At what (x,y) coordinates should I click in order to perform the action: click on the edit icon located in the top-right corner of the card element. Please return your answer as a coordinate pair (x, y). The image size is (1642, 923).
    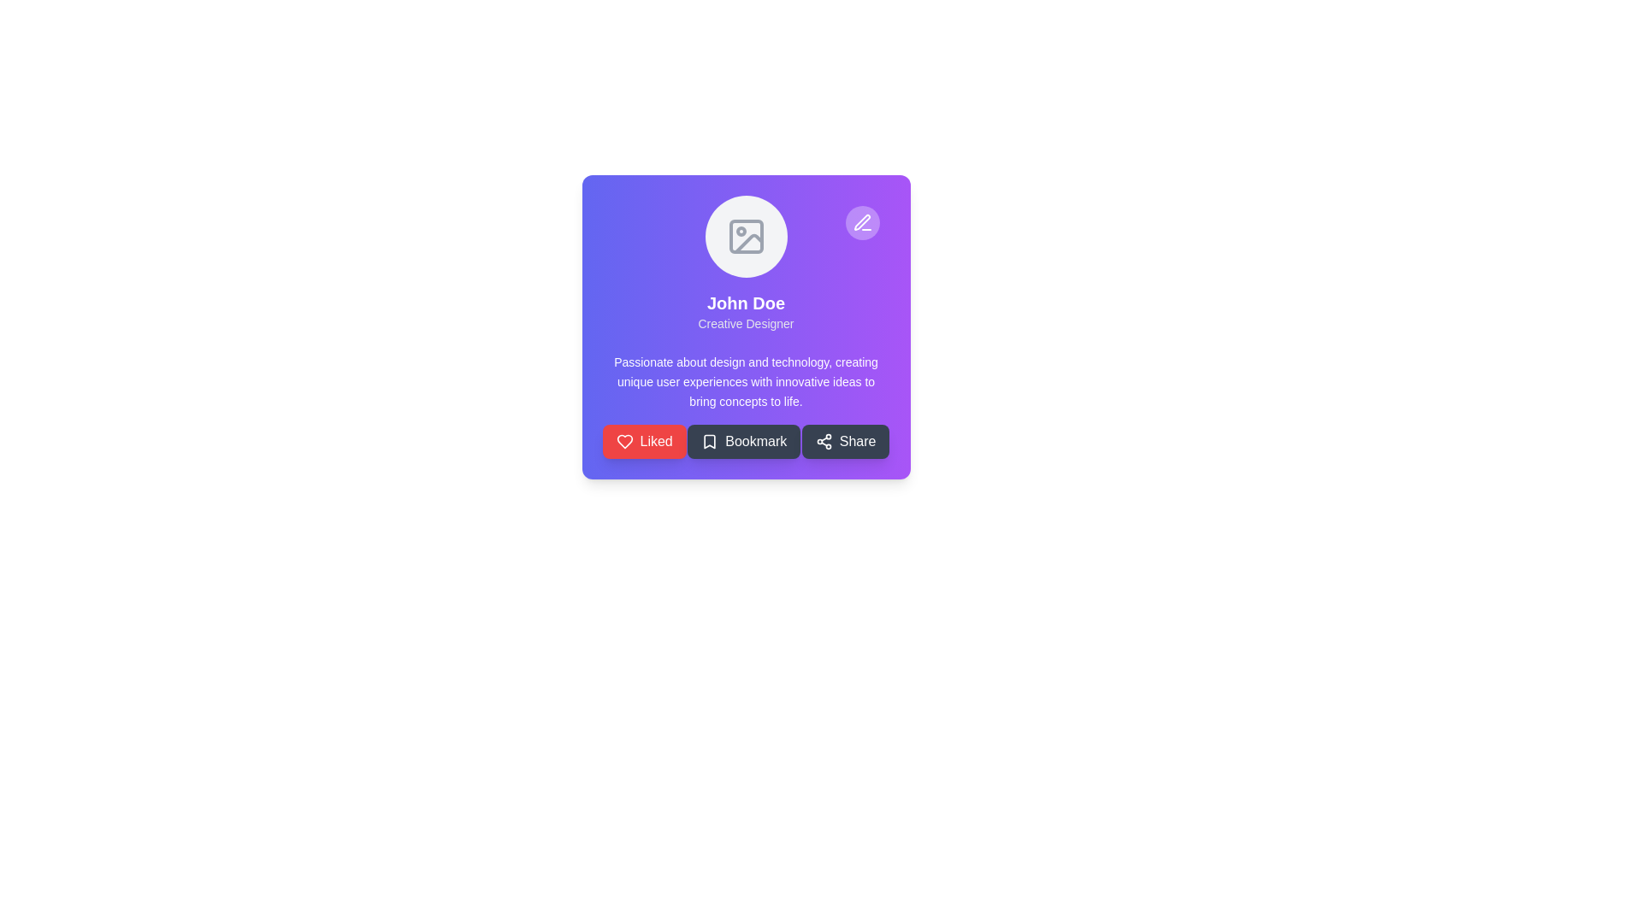
    Looking at the image, I should click on (862, 222).